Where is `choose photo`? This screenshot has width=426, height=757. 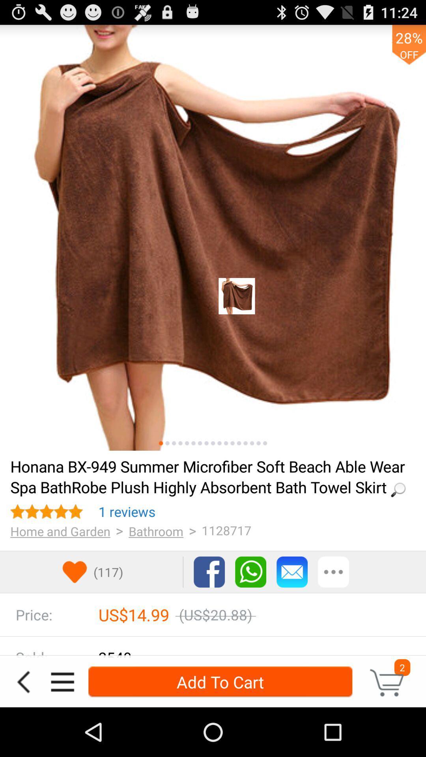
choose photo is located at coordinates (206, 443).